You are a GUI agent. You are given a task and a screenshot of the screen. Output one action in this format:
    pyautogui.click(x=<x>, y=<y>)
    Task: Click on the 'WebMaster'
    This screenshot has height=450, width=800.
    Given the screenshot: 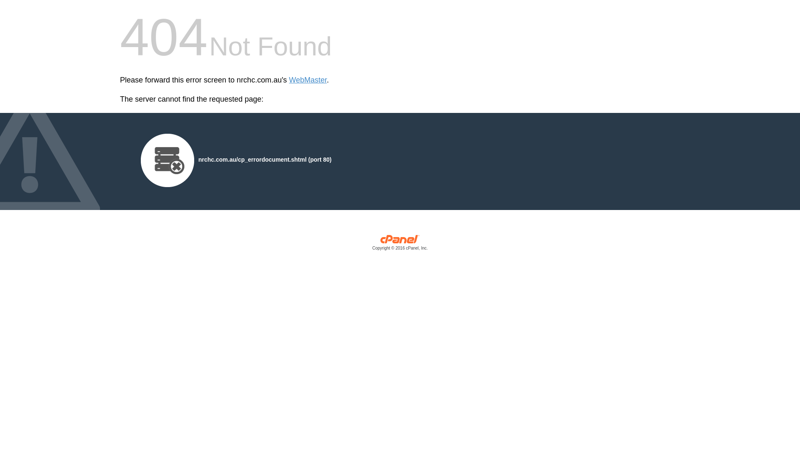 What is the action you would take?
    pyautogui.click(x=307, y=80)
    